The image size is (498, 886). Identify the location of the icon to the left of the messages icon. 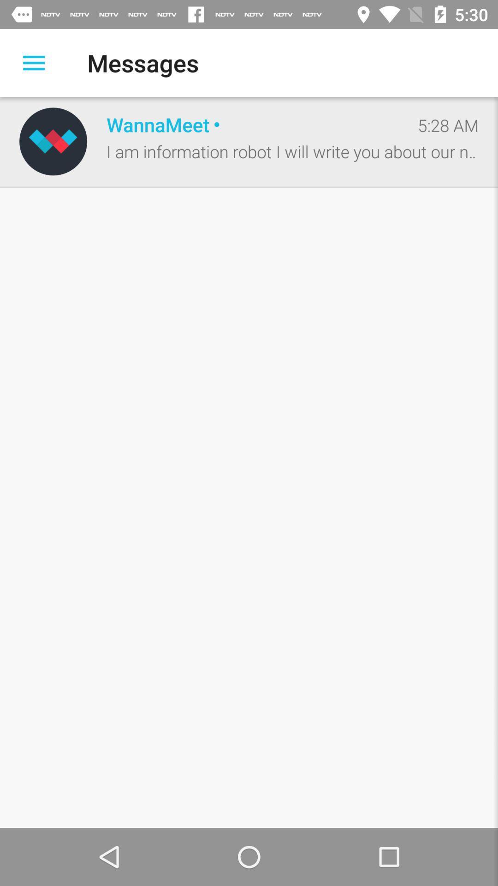
(33, 62).